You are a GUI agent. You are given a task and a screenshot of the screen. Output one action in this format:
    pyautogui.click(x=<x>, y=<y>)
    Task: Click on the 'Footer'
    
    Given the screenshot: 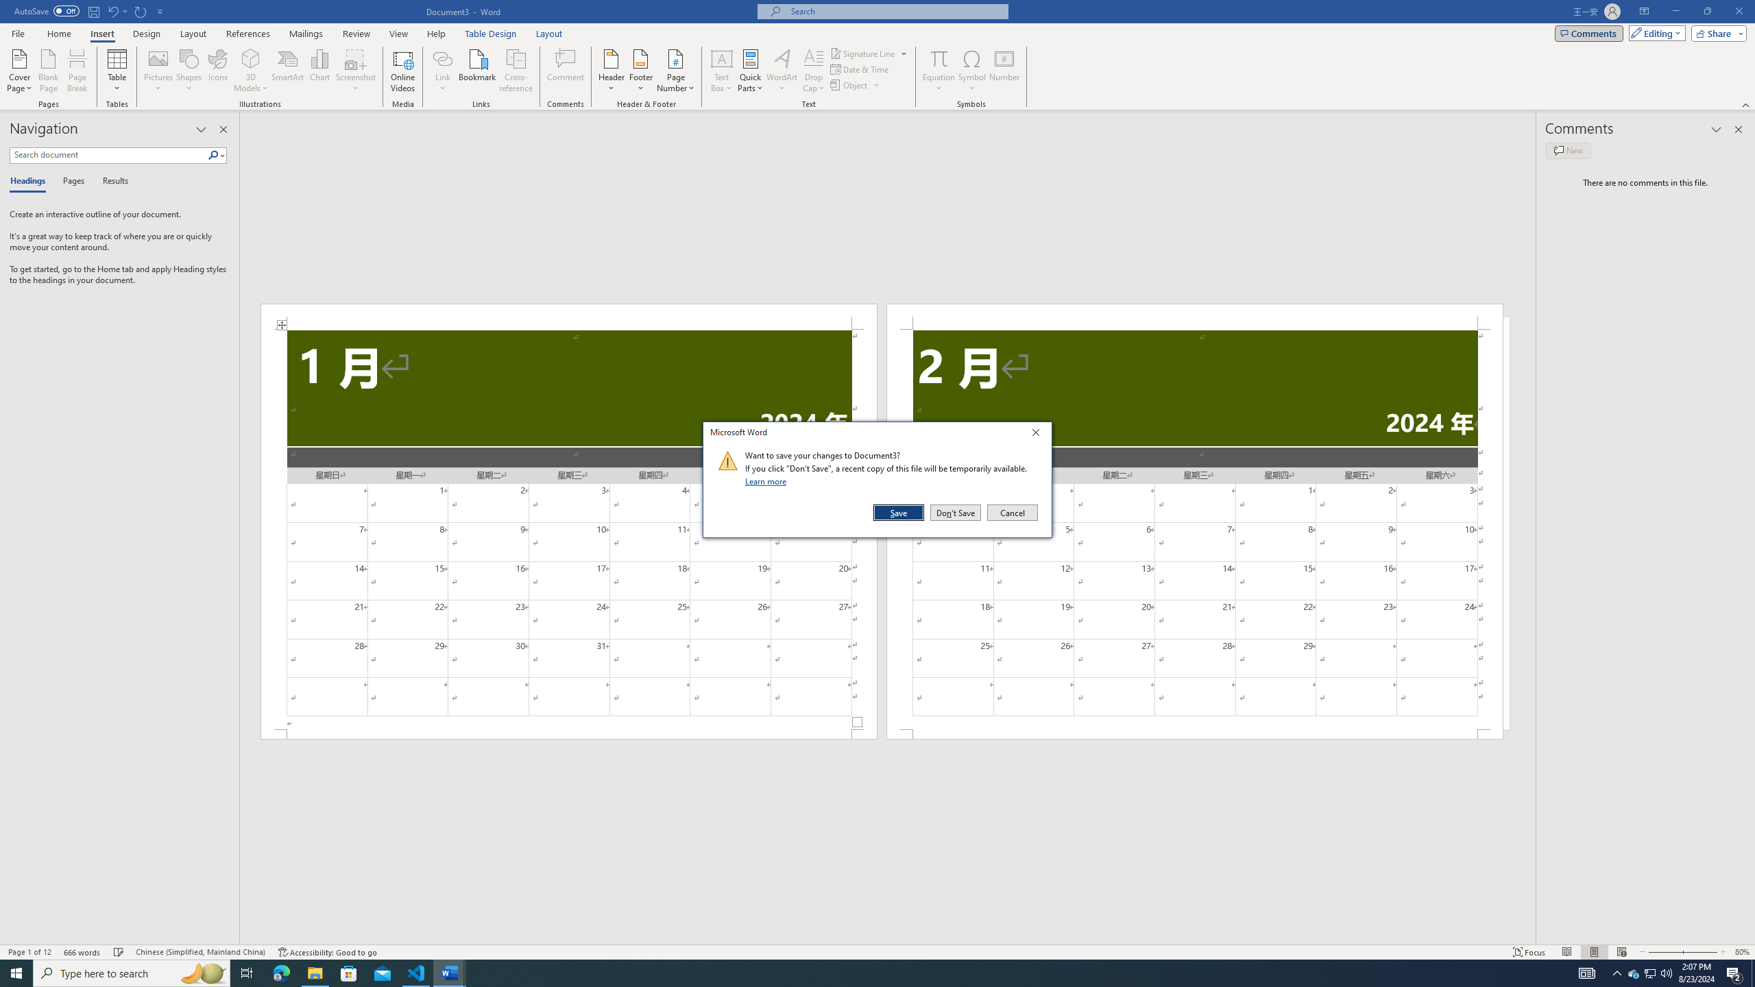 What is the action you would take?
    pyautogui.click(x=640, y=71)
    